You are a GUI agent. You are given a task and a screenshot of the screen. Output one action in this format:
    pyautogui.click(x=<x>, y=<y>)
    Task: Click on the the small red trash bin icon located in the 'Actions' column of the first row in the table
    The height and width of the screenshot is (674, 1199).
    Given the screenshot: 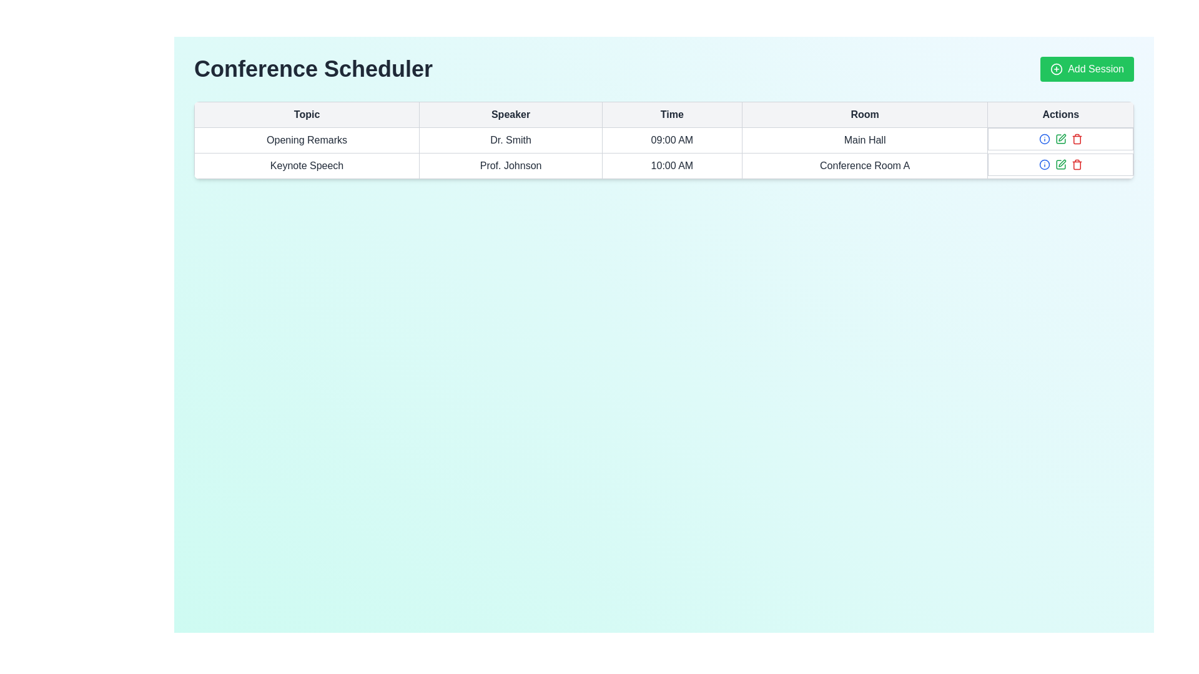 What is the action you would take?
    pyautogui.click(x=1076, y=139)
    